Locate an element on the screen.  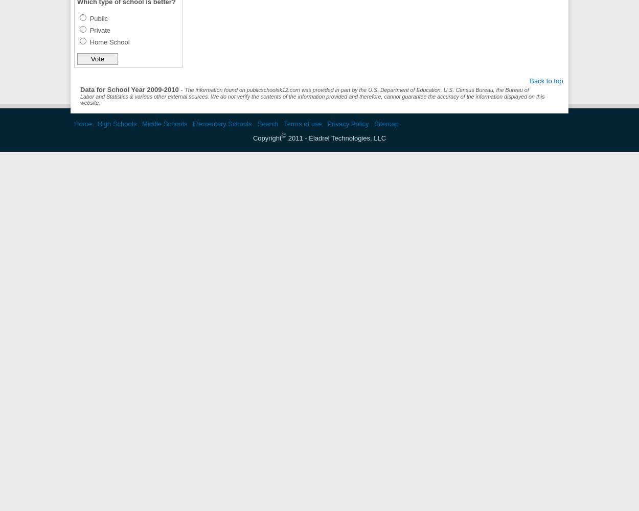
'Privacy Policy' is located at coordinates (348, 123).